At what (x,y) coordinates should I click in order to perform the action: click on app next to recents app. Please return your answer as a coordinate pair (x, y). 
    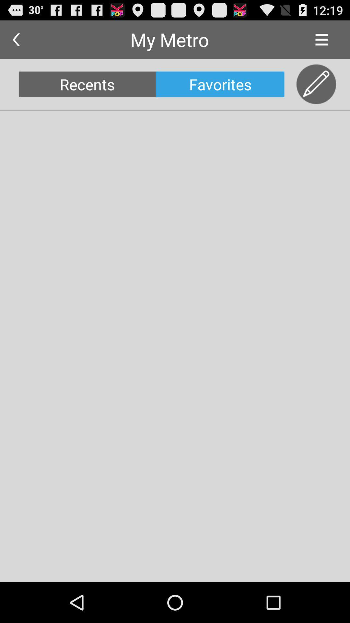
    Looking at the image, I should click on (220, 84).